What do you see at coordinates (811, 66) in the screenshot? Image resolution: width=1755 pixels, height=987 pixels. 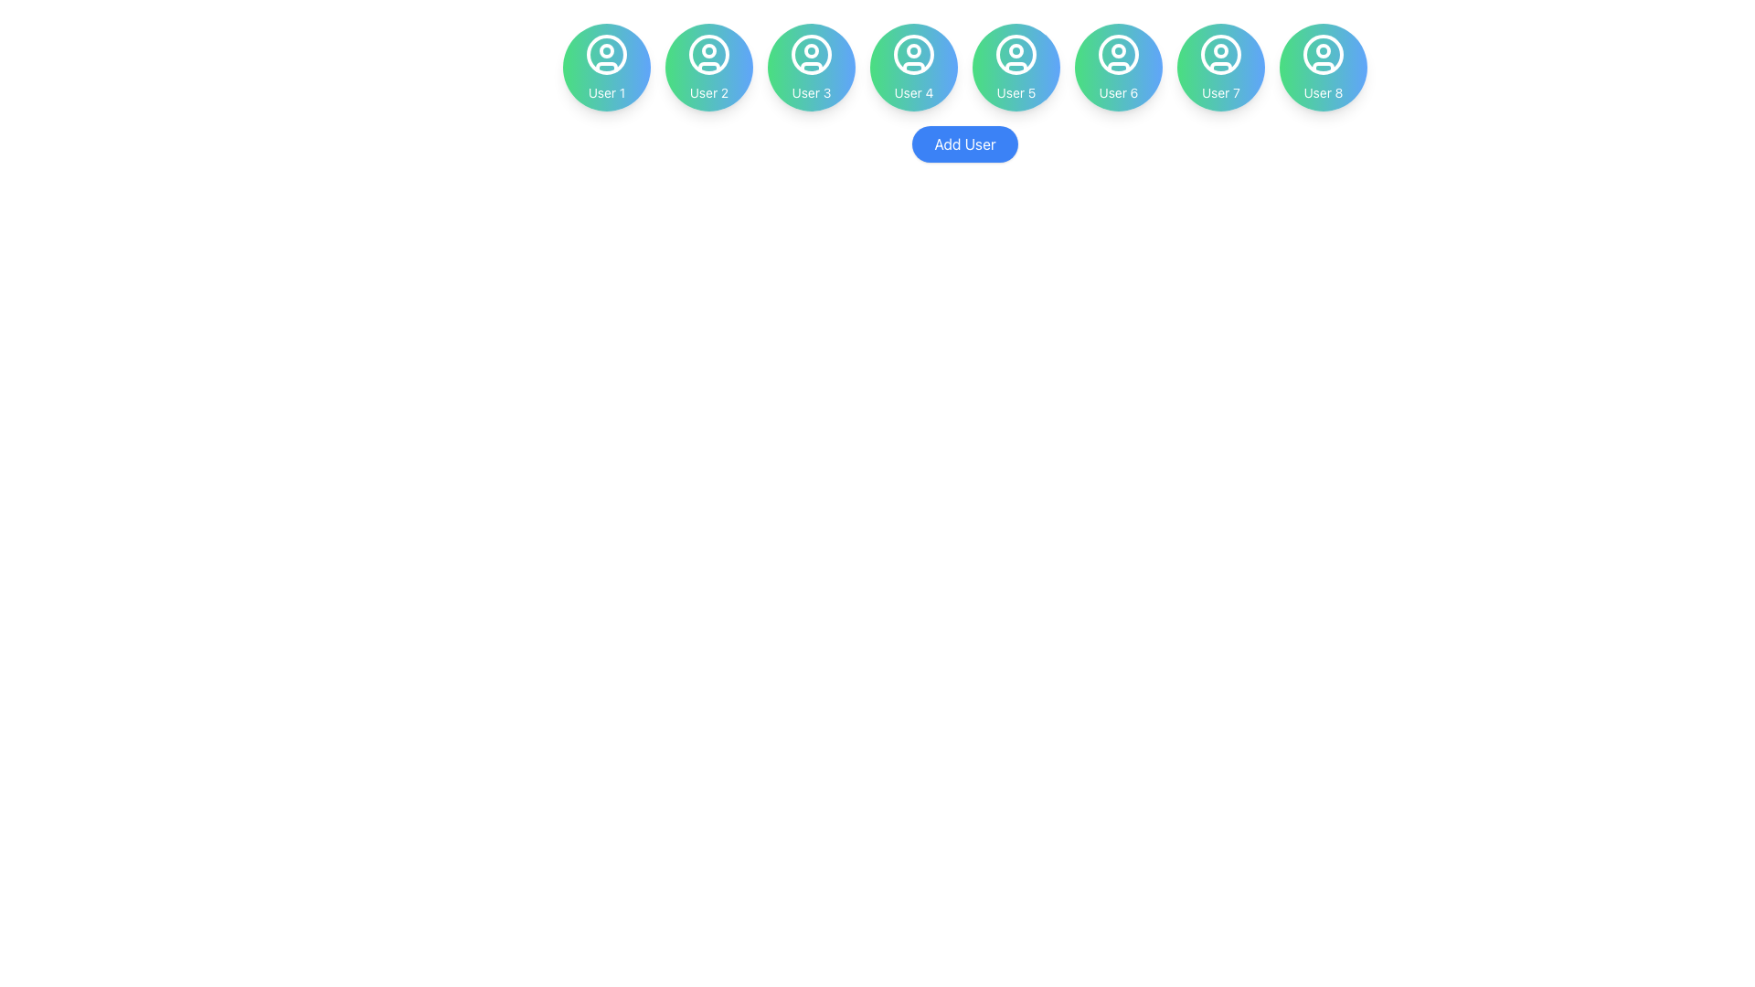 I see `the circular user profile button labeled 'User 3'` at bounding box center [811, 66].